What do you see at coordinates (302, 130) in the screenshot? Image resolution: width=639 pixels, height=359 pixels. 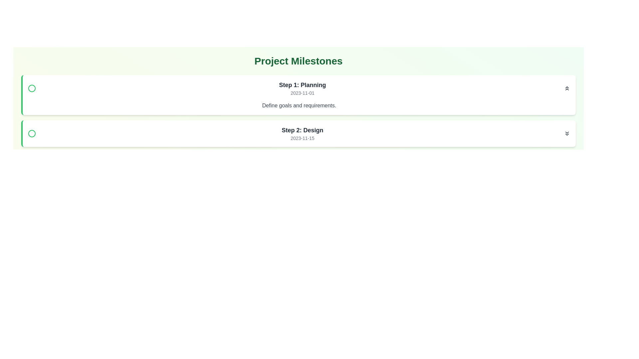 I see `the text label displaying 'Step 2: Design' in the 'Project Milestones' interface, which is styled with a large bold font and located below the 'Step 1: Planning' milestone section` at bounding box center [302, 130].